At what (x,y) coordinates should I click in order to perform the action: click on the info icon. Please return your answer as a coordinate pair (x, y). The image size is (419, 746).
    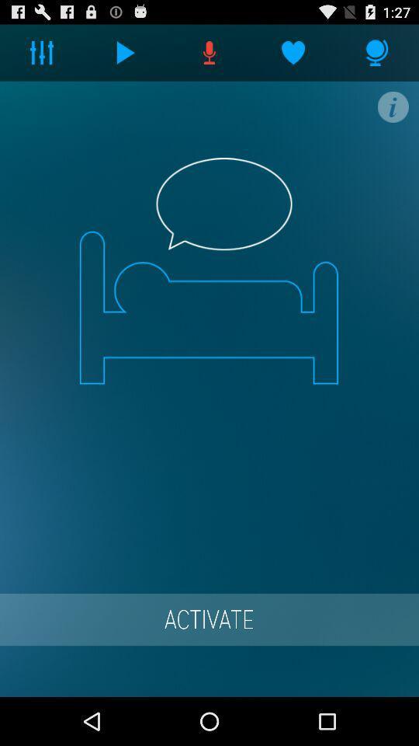
    Looking at the image, I should click on (392, 113).